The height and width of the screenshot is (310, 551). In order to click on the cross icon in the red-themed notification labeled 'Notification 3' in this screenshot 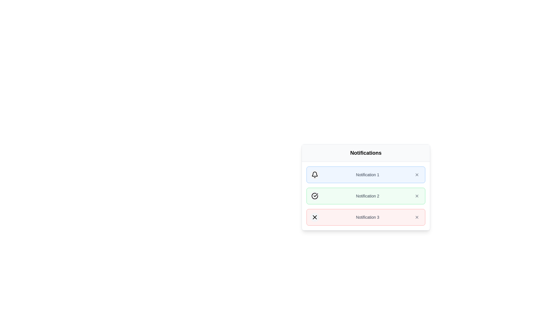, I will do `click(315, 217)`.